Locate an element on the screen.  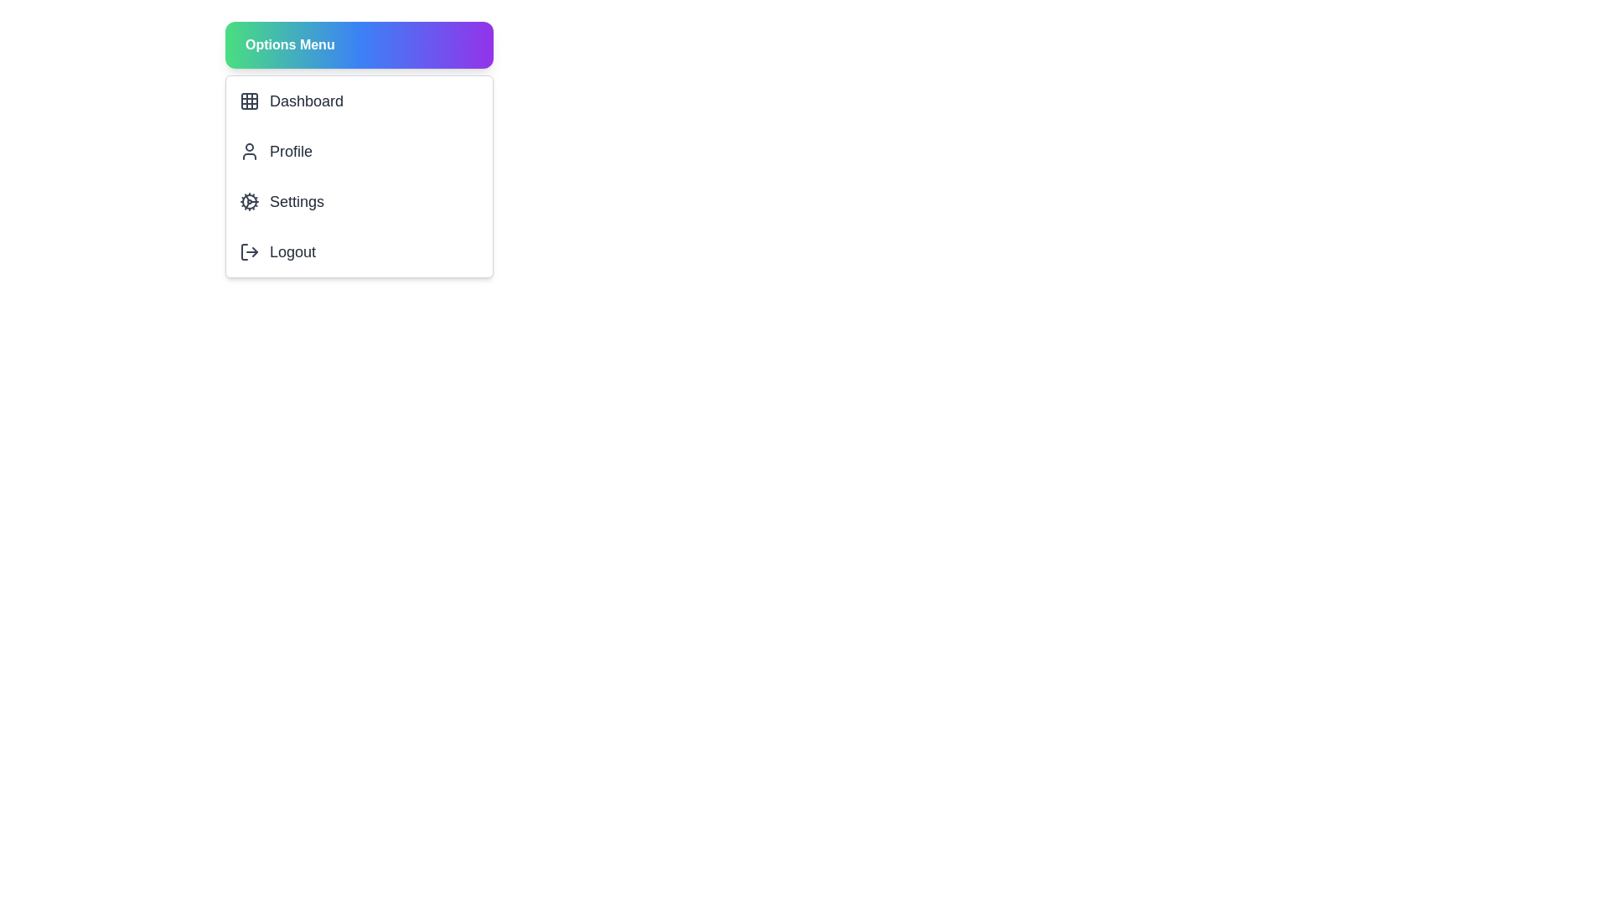
the 'Options Menu' button to toggle the visibility of the menu is located at coordinates (358, 44).